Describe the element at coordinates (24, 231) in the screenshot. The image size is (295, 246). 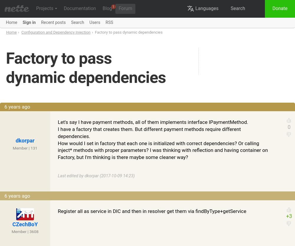
I see `'Member | 3608'` at that location.